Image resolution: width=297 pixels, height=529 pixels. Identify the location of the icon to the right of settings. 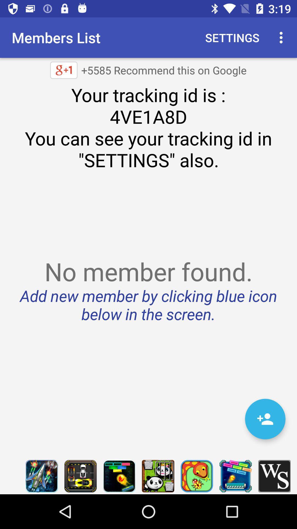
(282, 37).